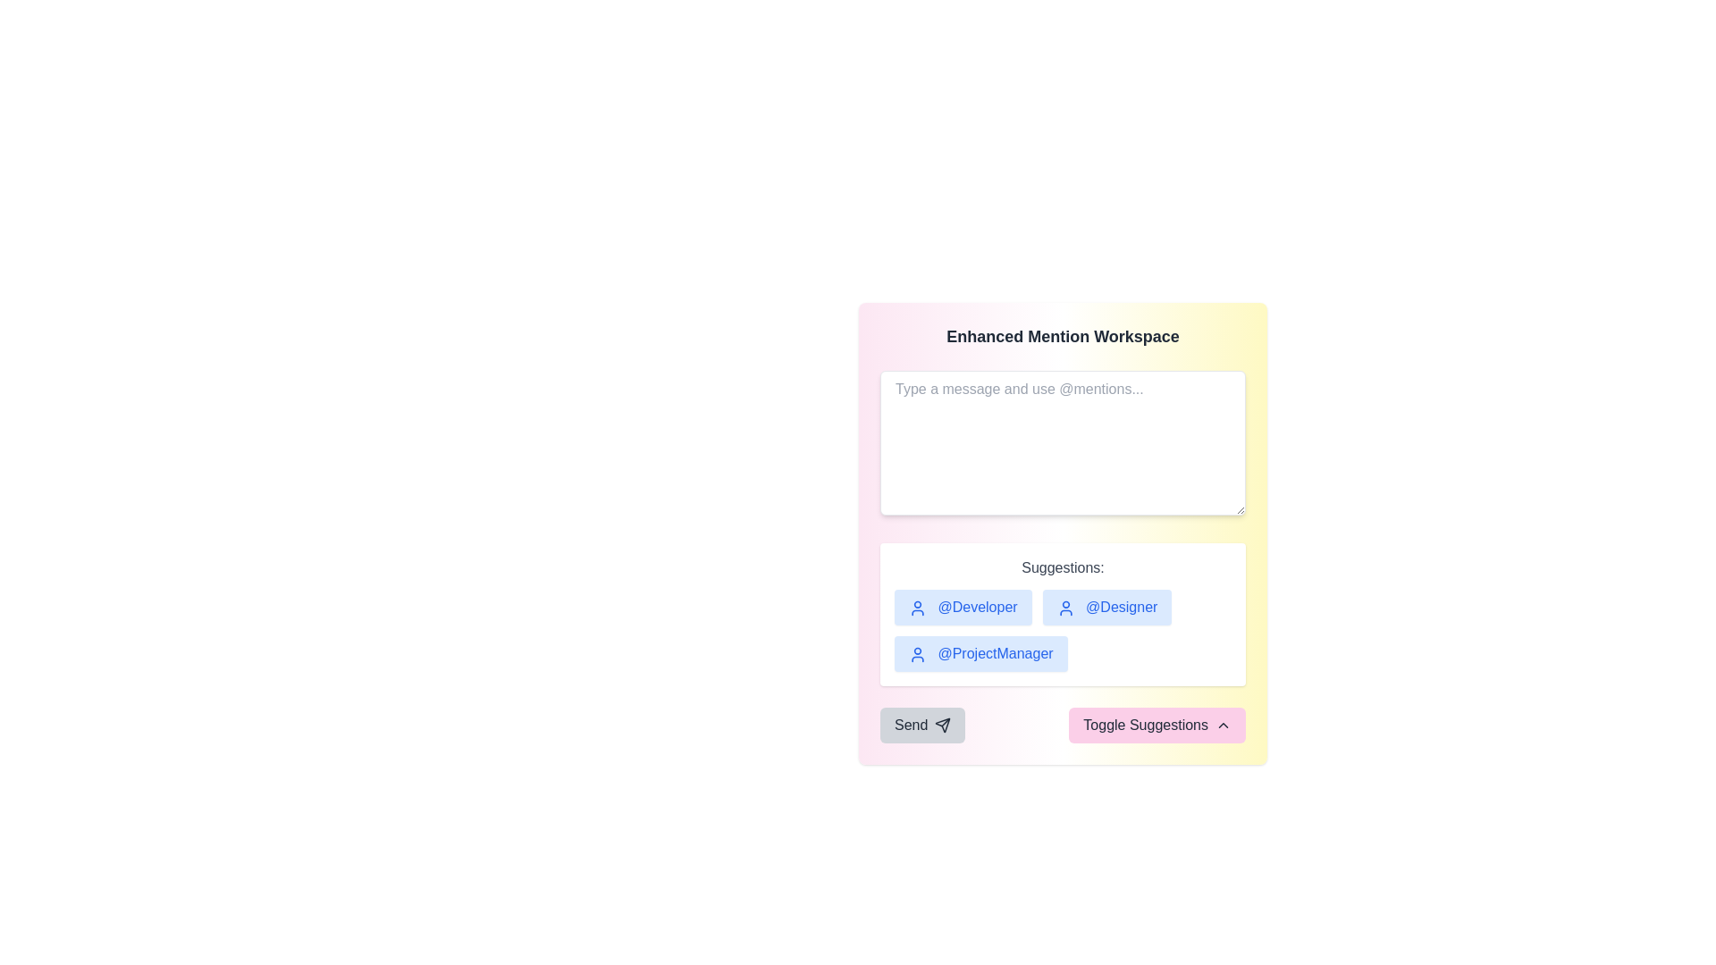 This screenshot has width=1716, height=965. What do you see at coordinates (980, 654) in the screenshot?
I see `the third selectable suggestion button for '@ProjectManager'` at bounding box center [980, 654].